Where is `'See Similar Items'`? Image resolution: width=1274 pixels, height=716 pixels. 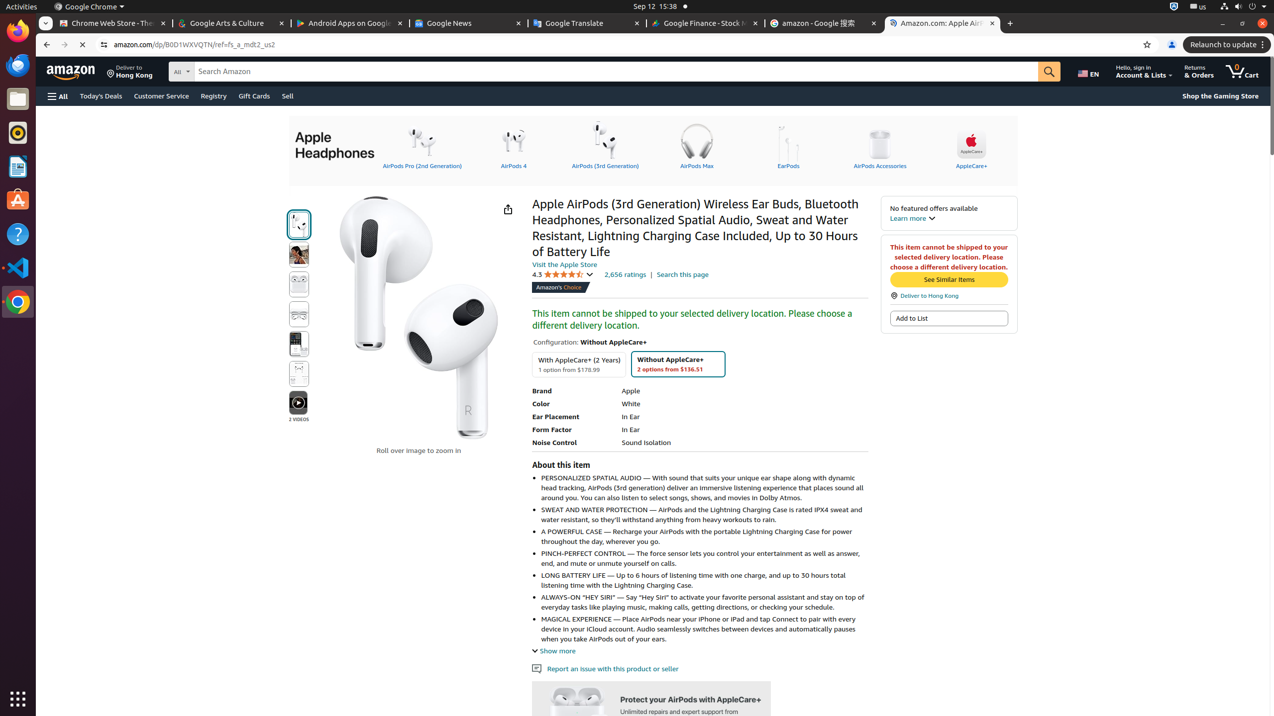 'See Similar Items' is located at coordinates (948, 279).